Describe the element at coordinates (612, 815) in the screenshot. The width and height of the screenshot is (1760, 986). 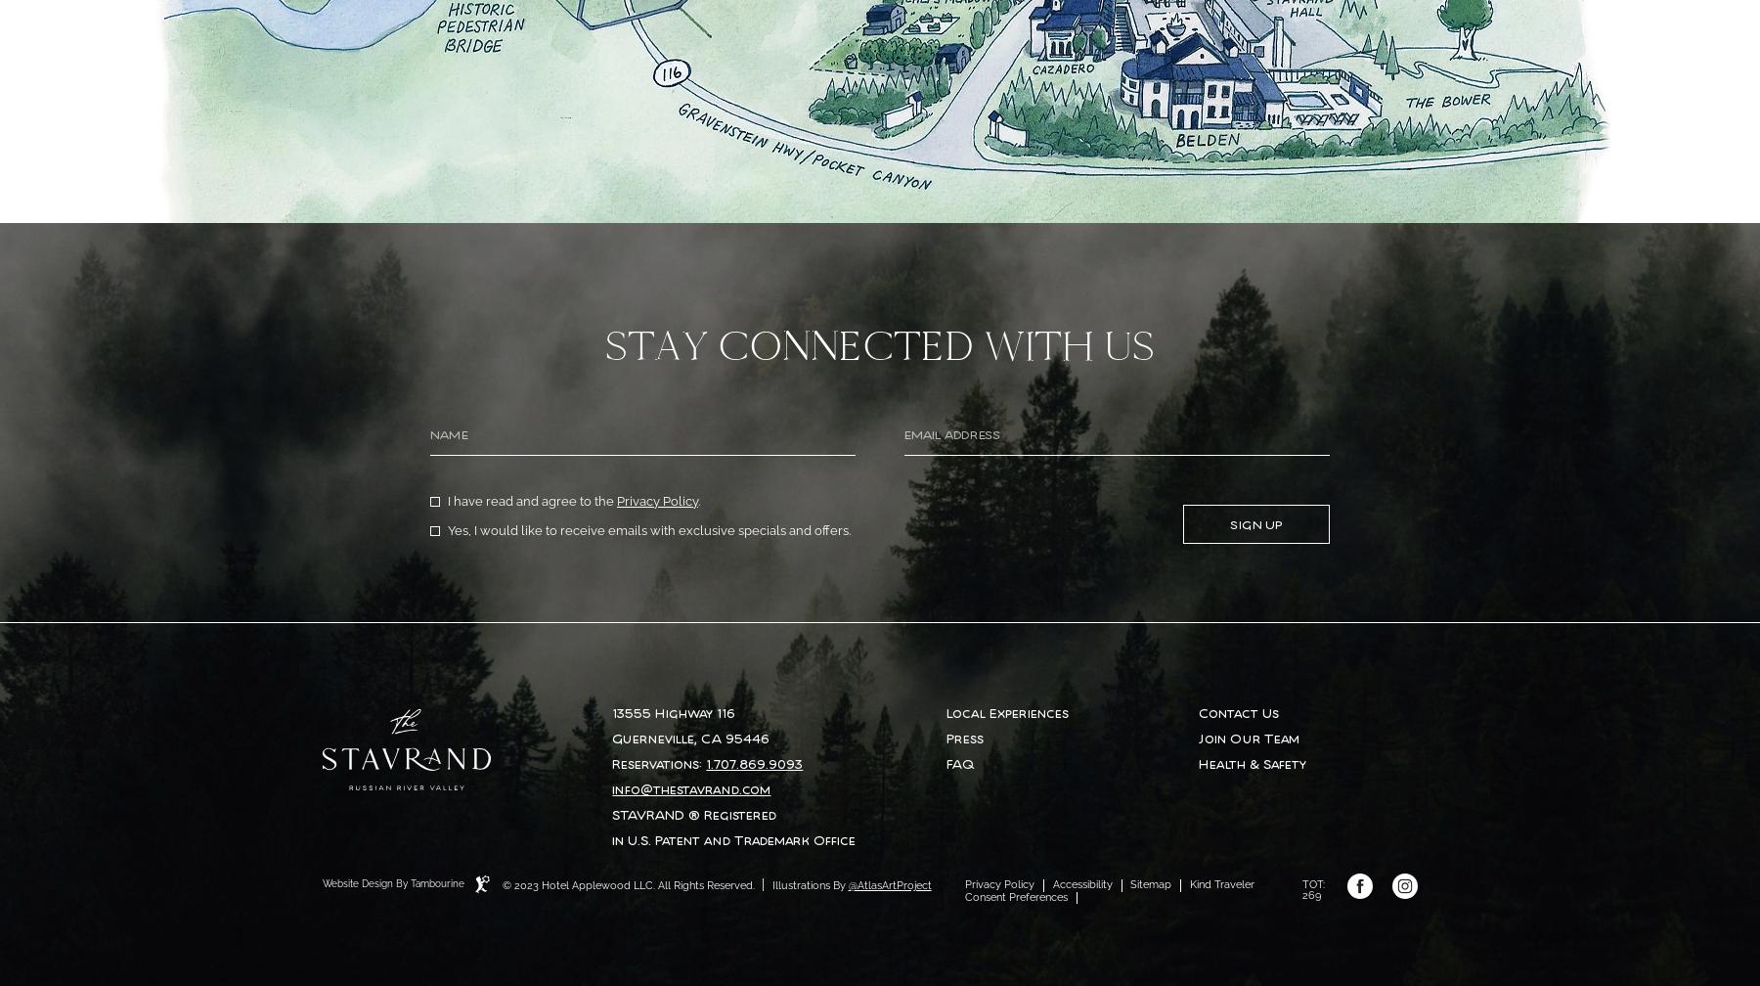
I see `'STAVRAND ® Registered'` at that location.